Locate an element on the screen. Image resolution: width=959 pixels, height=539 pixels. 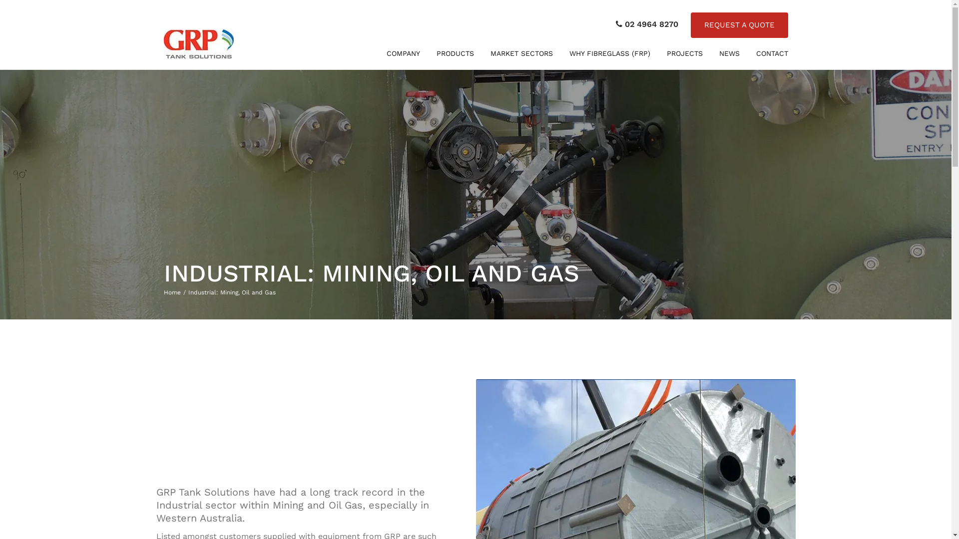
'COMPANY' is located at coordinates (403, 53).